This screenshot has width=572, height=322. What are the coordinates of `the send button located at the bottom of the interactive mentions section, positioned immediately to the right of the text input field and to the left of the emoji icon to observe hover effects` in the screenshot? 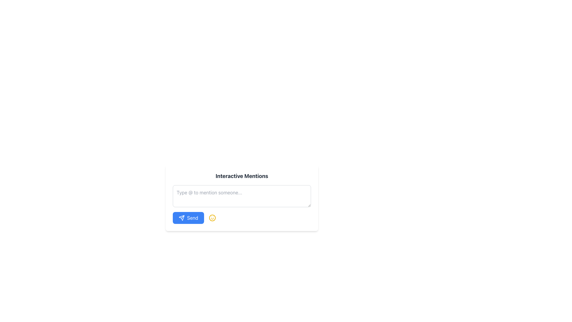 It's located at (188, 218).